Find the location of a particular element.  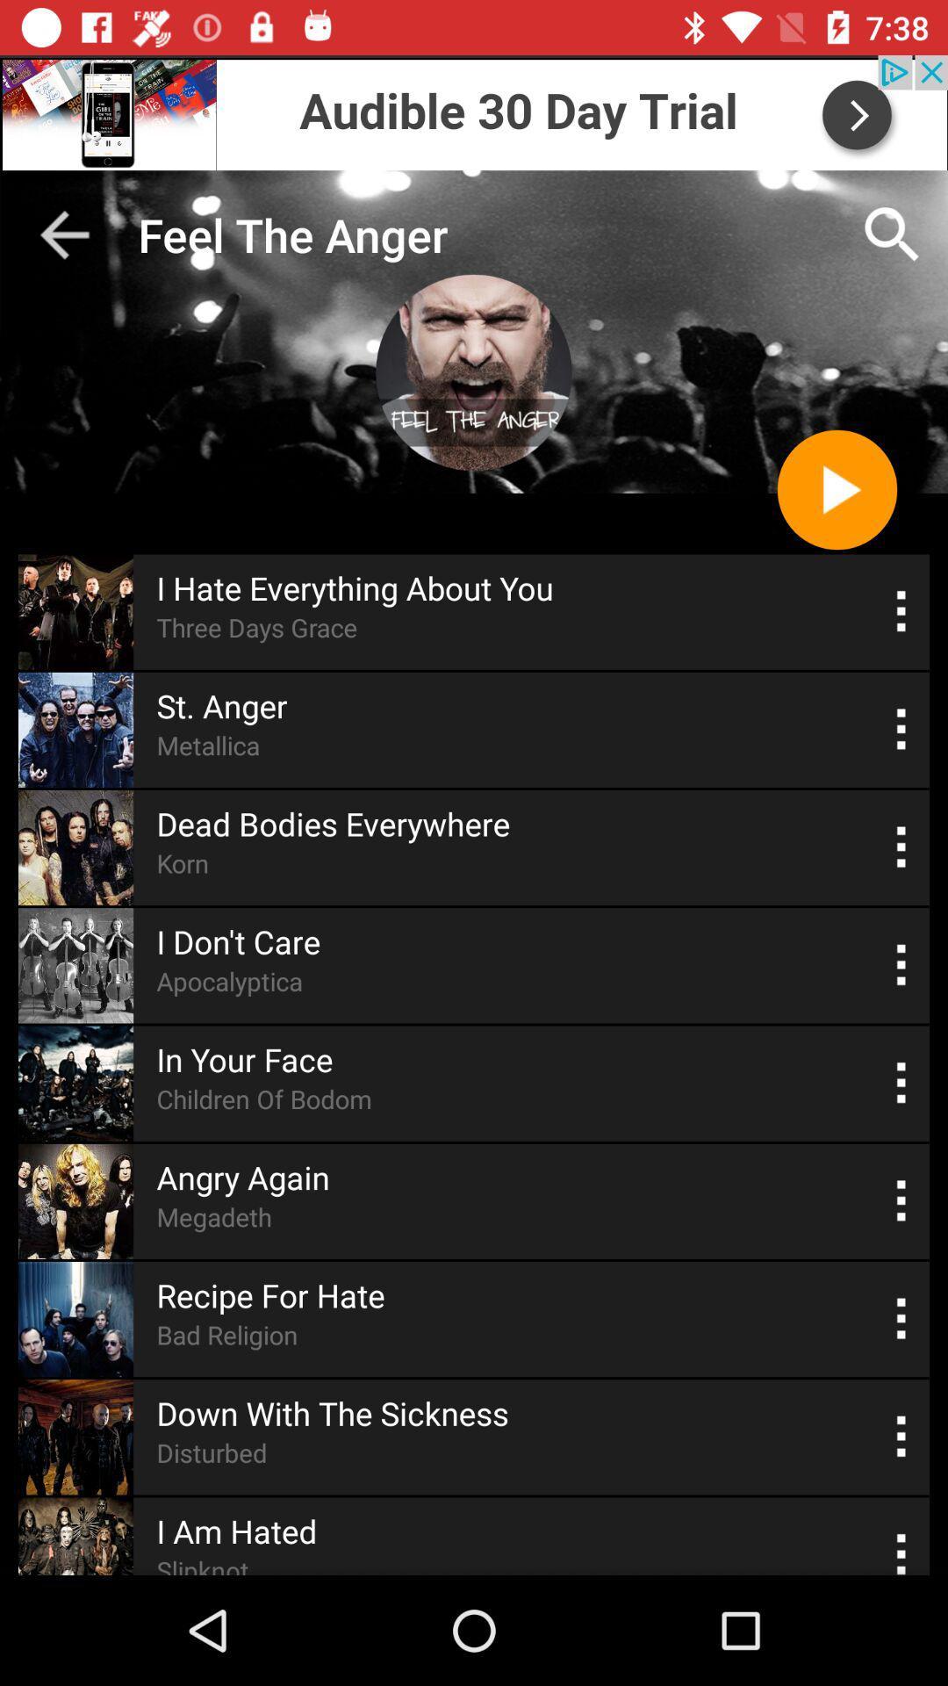

more information is located at coordinates (901, 1200).